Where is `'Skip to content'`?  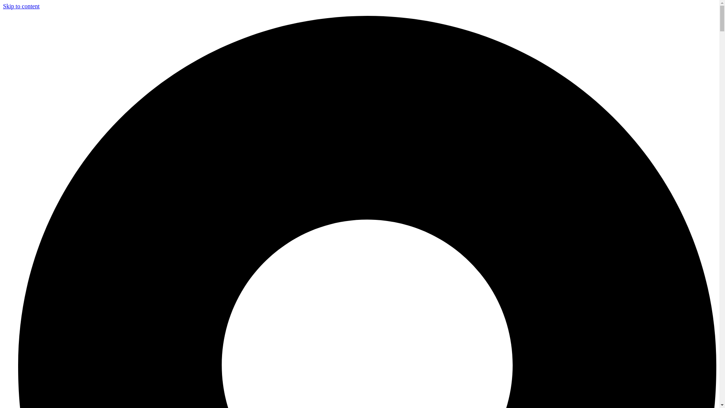
'Skip to content' is located at coordinates (21, 6).